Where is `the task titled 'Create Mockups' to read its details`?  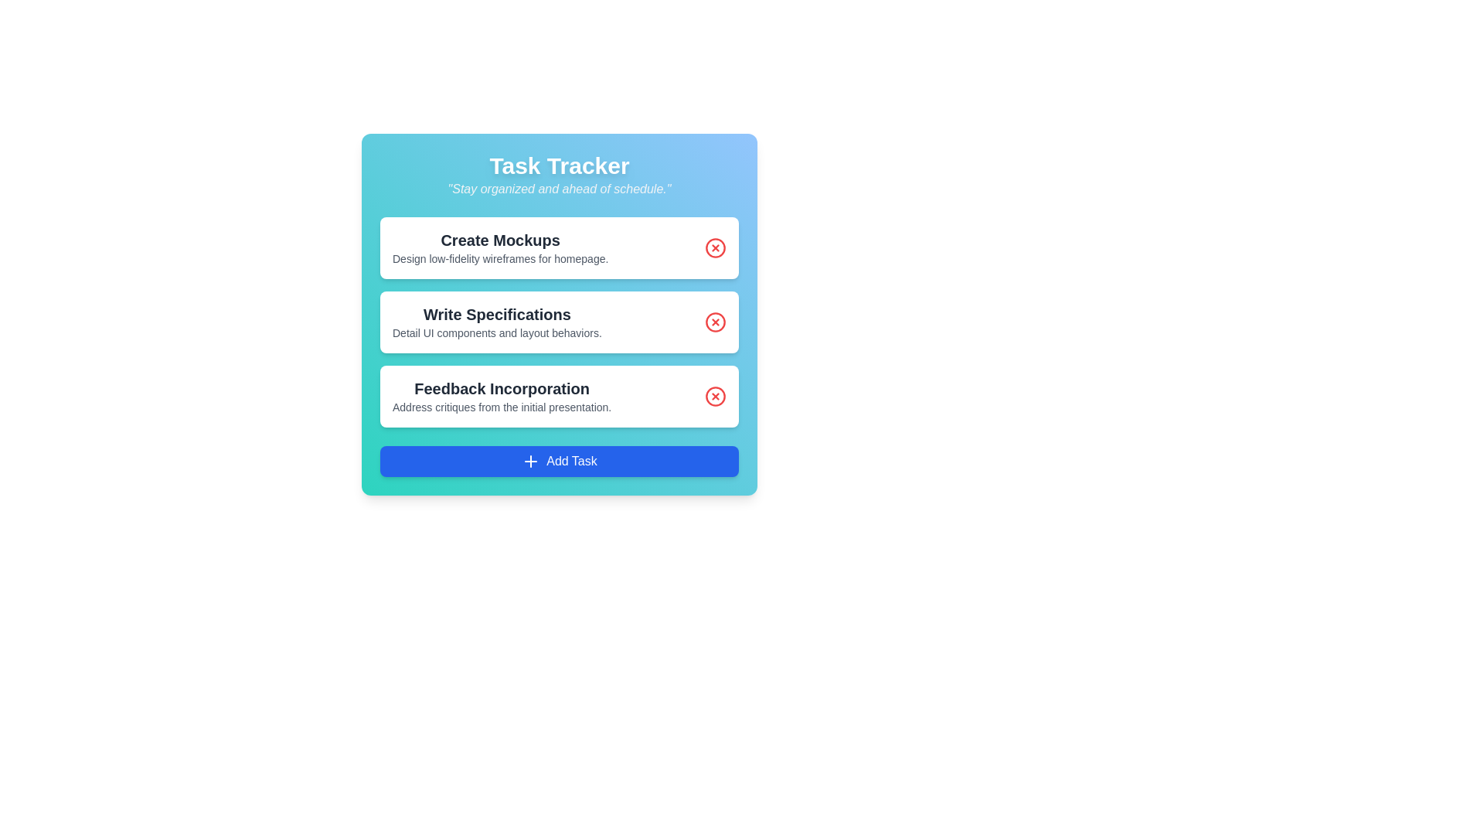 the task titled 'Create Mockups' to read its details is located at coordinates (559, 247).